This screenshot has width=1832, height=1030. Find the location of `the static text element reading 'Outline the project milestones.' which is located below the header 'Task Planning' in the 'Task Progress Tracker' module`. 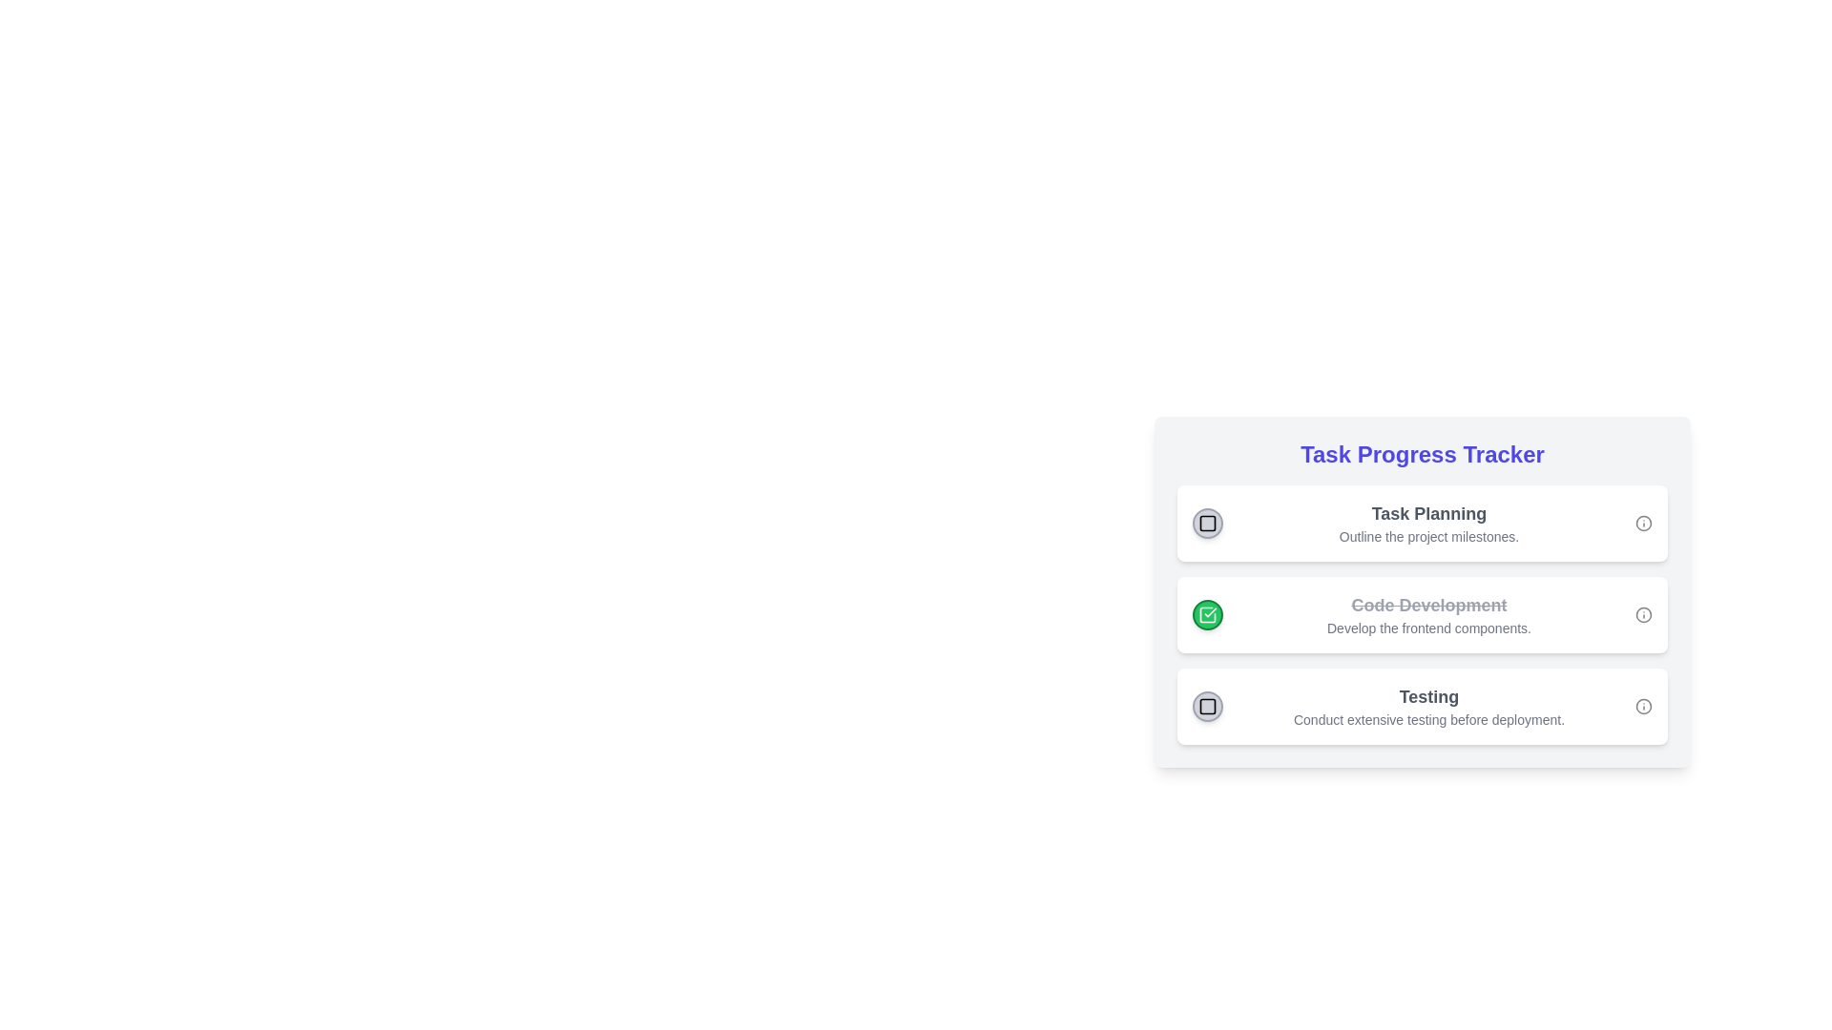

the static text element reading 'Outline the project milestones.' which is located below the header 'Task Planning' in the 'Task Progress Tracker' module is located at coordinates (1428, 537).